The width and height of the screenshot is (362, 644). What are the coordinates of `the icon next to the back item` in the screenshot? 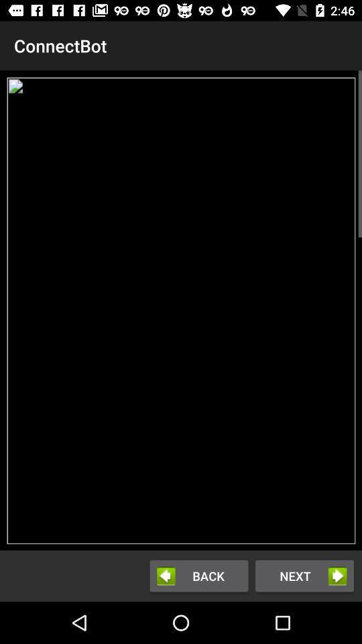 It's located at (304, 575).